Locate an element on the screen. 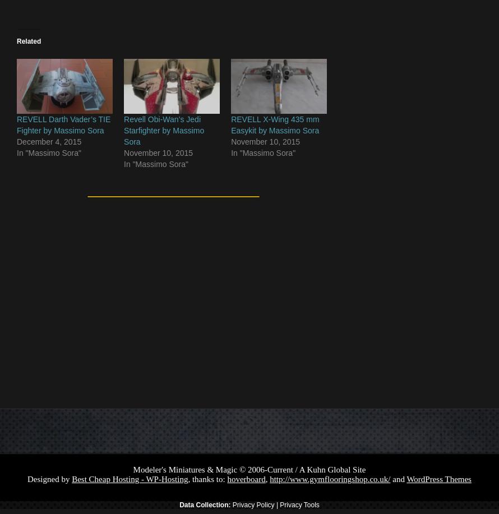  'Privacy Tools' is located at coordinates (299, 504).